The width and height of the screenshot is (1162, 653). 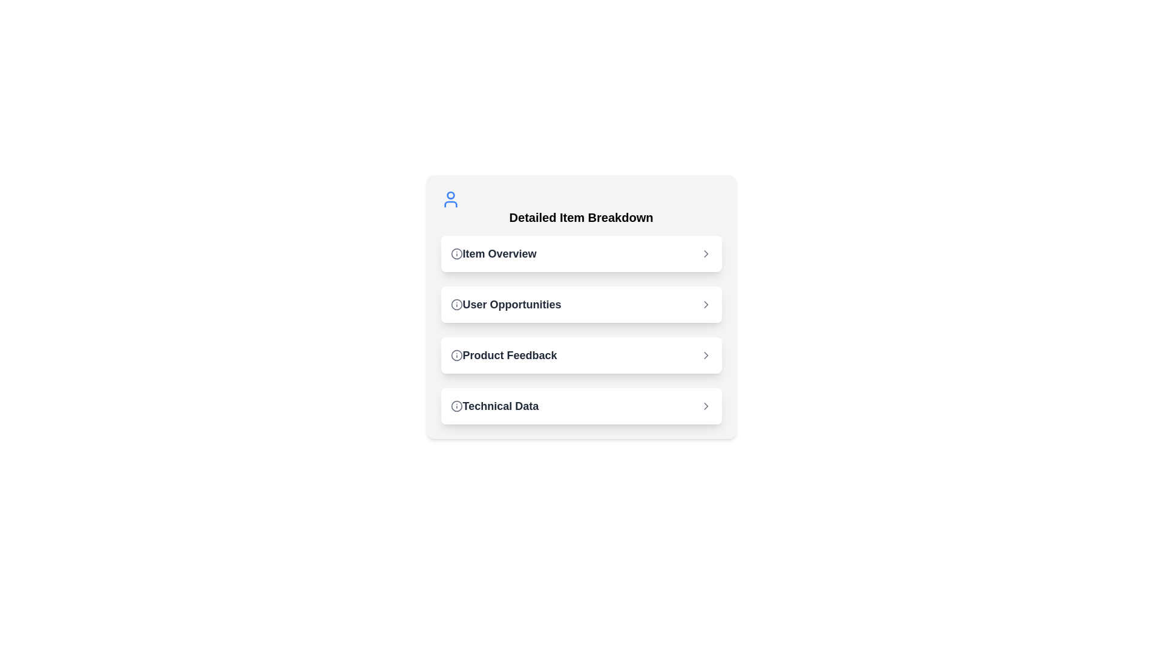 What do you see at coordinates (581, 253) in the screenshot?
I see `the first button-like clickable card in the 'Detailed Item Breakdown' section` at bounding box center [581, 253].